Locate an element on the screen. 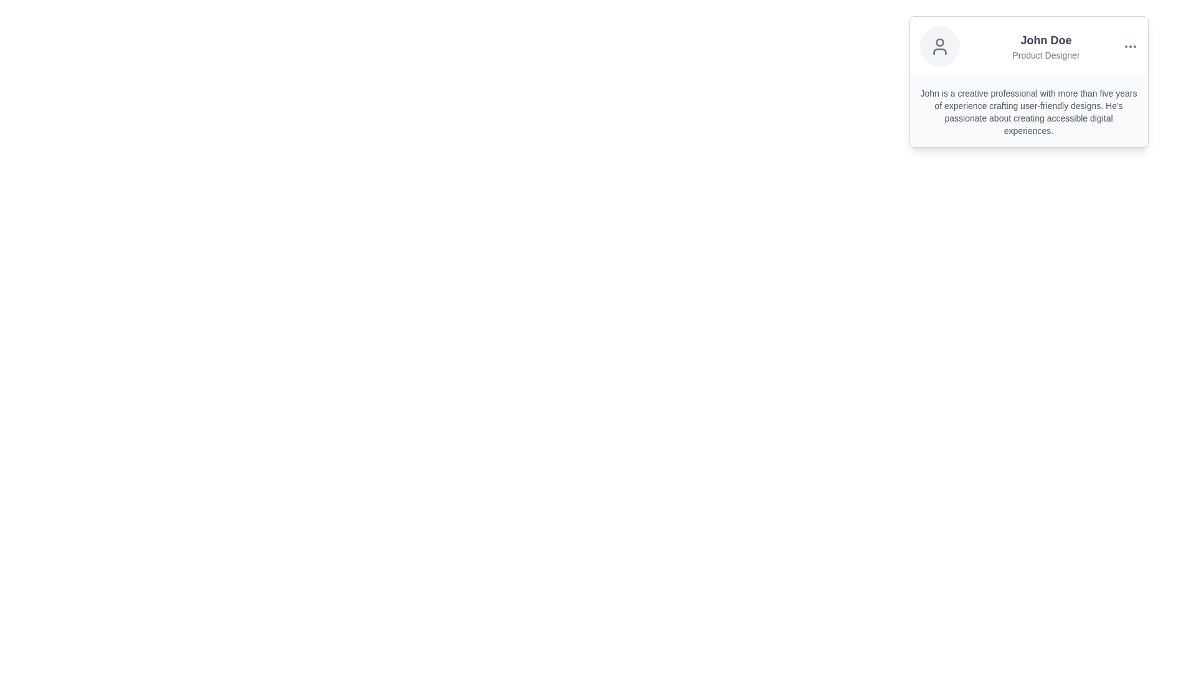 Image resolution: width=1196 pixels, height=673 pixels. the circular graphic element within the user profile avatar located at the top-left corner of the user profile card is located at coordinates (939, 42).